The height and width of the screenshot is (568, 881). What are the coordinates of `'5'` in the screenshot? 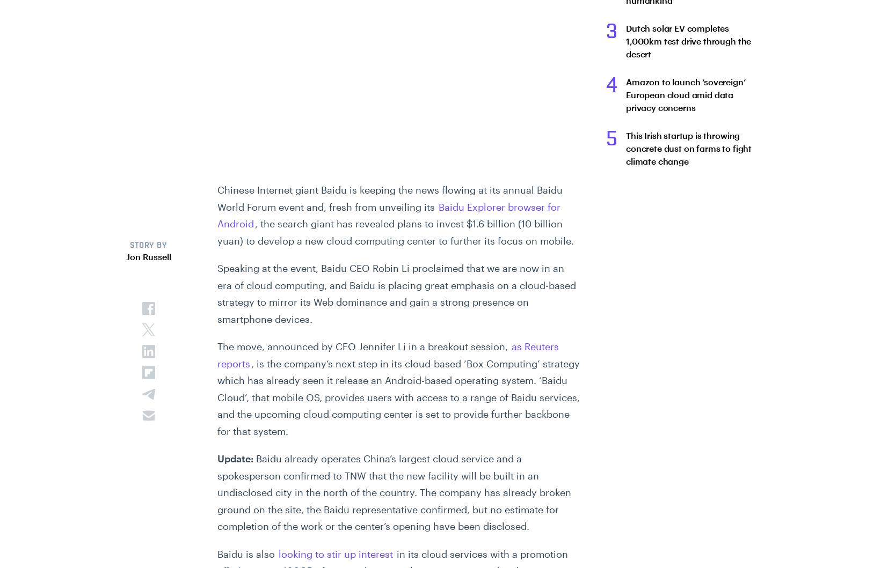 It's located at (610, 139).